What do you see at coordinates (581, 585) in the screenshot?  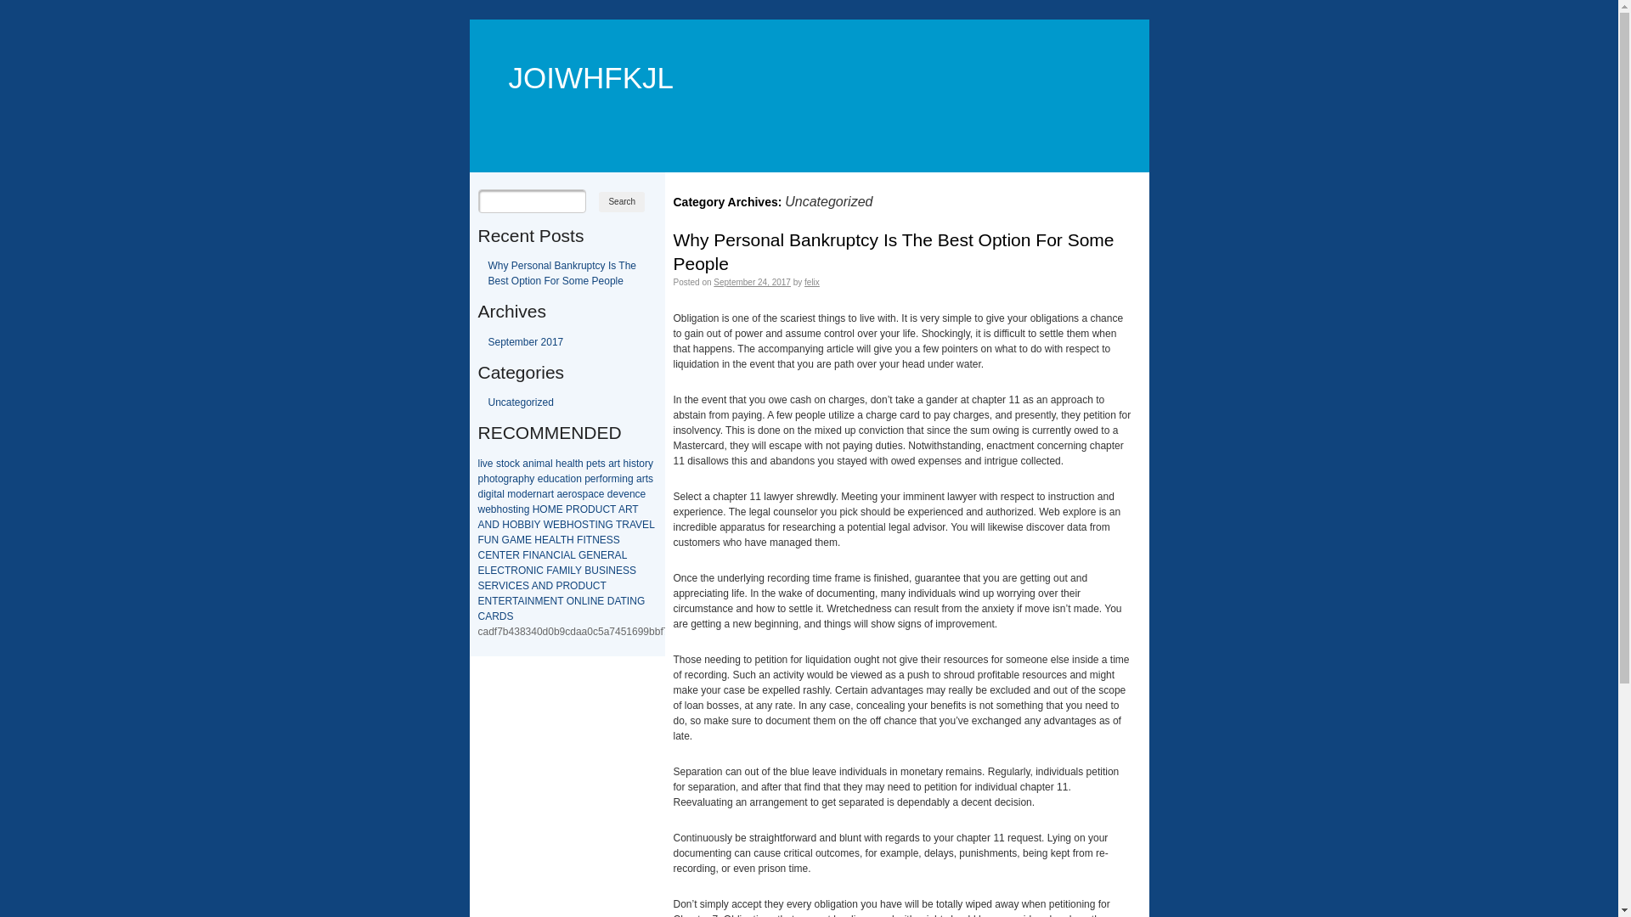 I see `'D'` at bounding box center [581, 585].